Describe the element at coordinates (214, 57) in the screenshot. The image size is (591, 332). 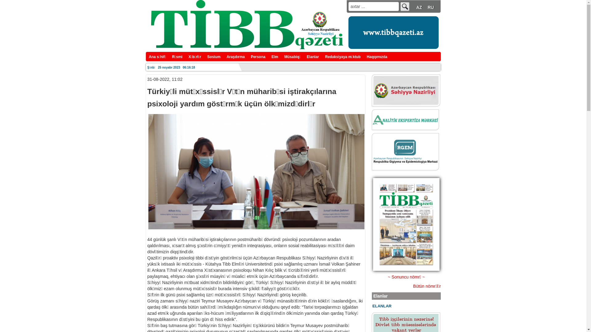
I see `'Sosium'` at that location.